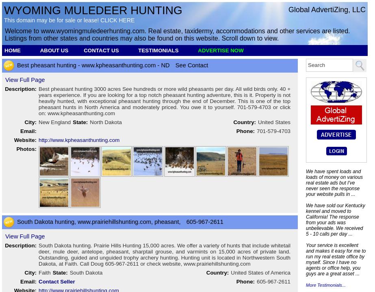  I want to click on 'More Testimonials...', so click(325, 285).